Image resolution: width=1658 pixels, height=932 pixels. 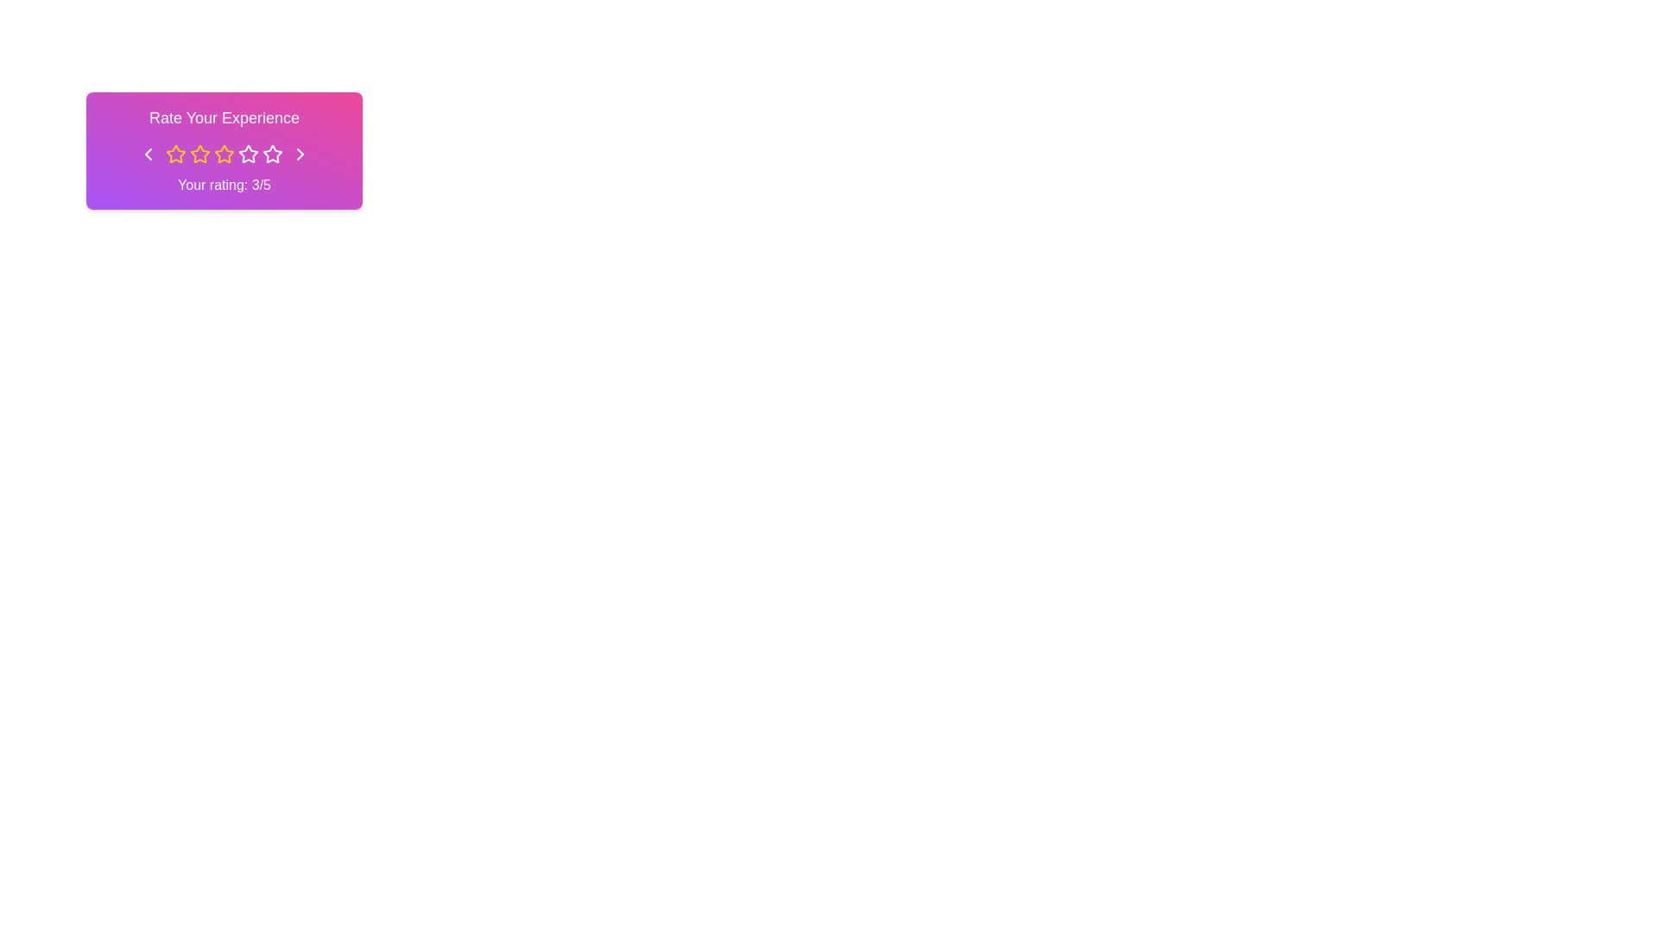 What do you see at coordinates (199, 153) in the screenshot?
I see `the second star icon in the rating interface` at bounding box center [199, 153].